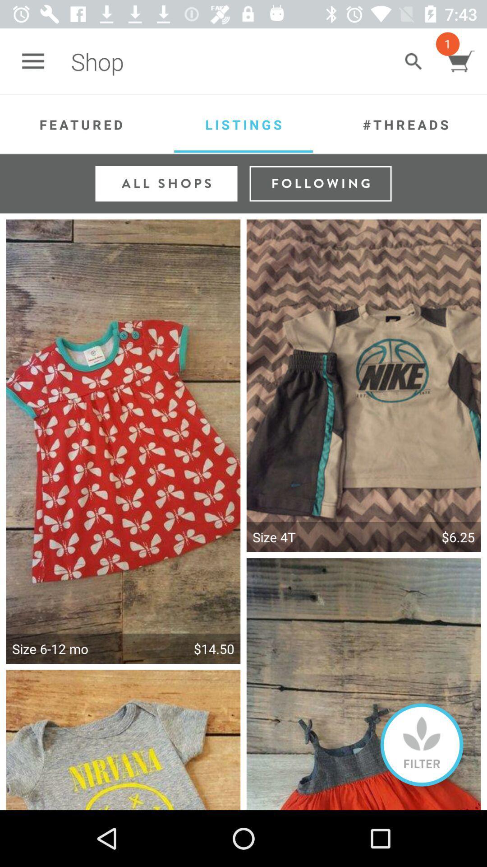 This screenshot has height=867, width=487. What do you see at coordinates (422, 745) in the screenshot?
I see `filter` at bounding box center [422, 745].